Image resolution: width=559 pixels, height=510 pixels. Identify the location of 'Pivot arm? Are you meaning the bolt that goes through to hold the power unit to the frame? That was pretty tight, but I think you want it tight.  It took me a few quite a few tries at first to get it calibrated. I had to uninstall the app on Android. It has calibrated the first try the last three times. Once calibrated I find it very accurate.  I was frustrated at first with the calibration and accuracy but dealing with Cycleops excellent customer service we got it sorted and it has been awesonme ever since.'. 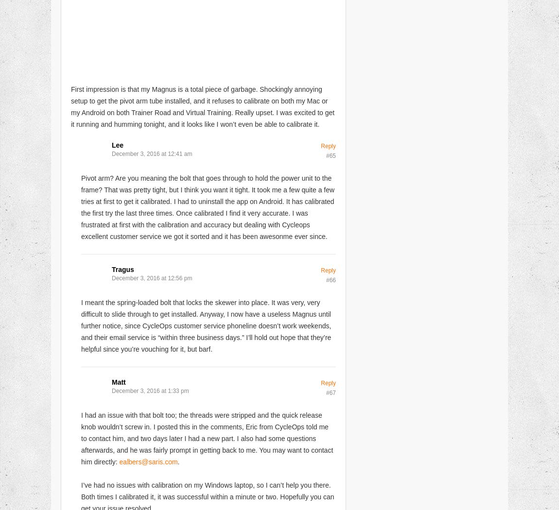
(208, 206).